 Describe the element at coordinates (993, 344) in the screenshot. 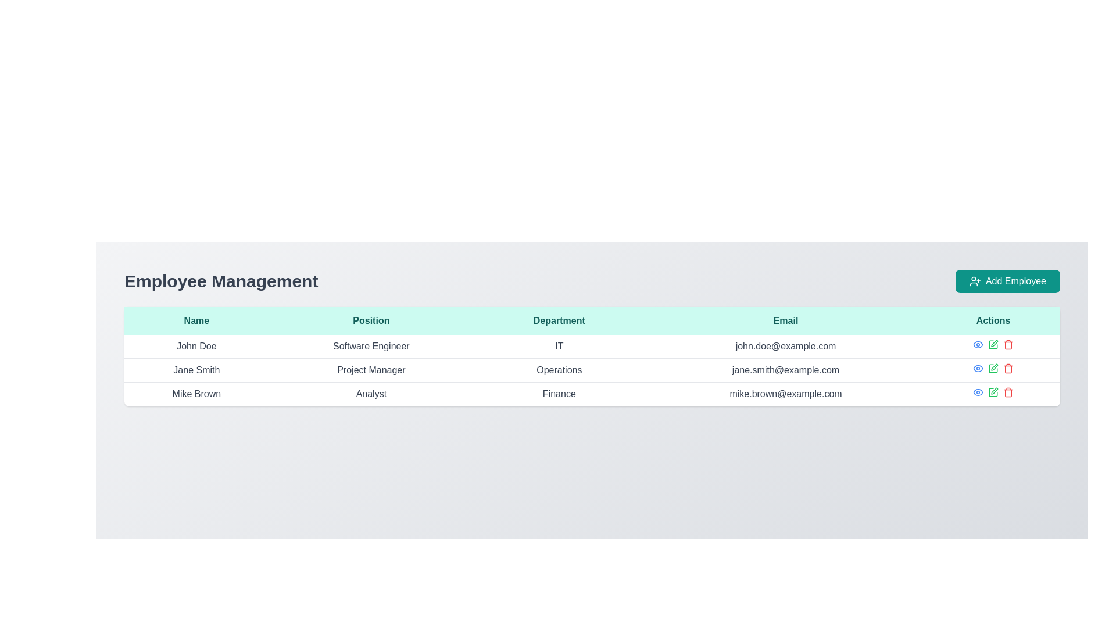

I see `the 'edit' icon button located in the 'Actions' column of the table for the first row corresponding to 'John Doe'` at that location.